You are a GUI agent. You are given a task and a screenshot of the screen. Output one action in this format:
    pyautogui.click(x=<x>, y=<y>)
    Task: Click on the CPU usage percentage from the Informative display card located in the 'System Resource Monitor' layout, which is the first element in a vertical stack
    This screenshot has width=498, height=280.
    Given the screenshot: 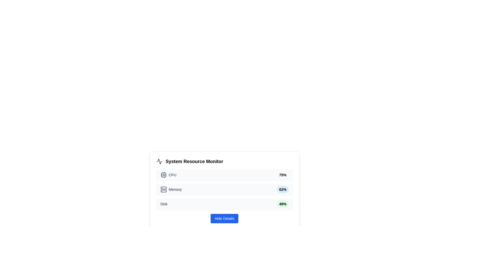 What is the action you would take?
    pyautogui.click(x=224, y=175)
    